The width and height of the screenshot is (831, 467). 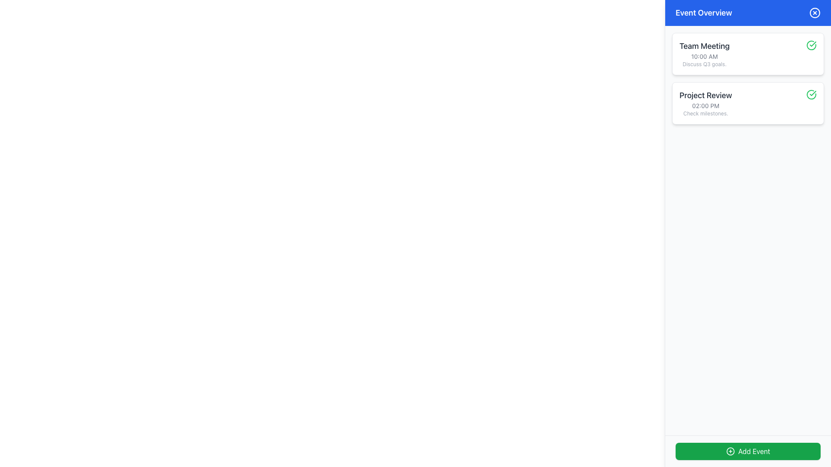 I want to click on the SVG circle element that visually indicates the 'Add Event' functionality, located at the bottom-right region of the interface, so click(x=730, y=451).